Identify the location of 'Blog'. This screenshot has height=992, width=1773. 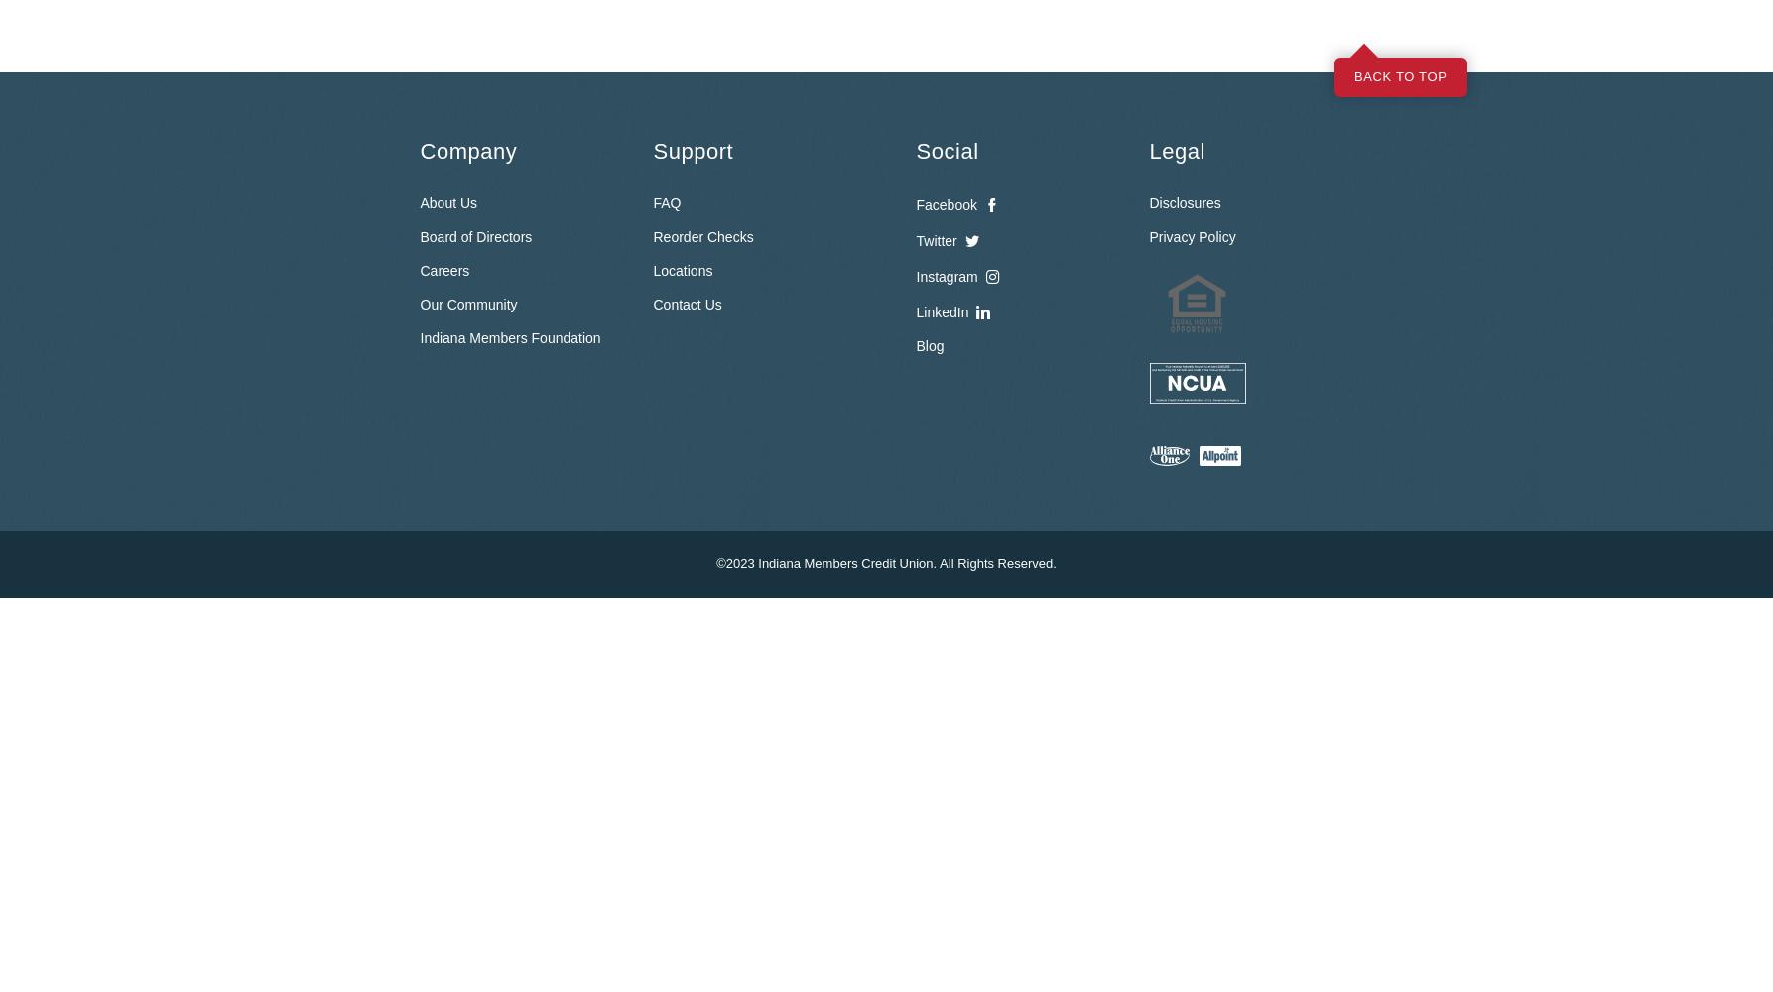
(928, 344).